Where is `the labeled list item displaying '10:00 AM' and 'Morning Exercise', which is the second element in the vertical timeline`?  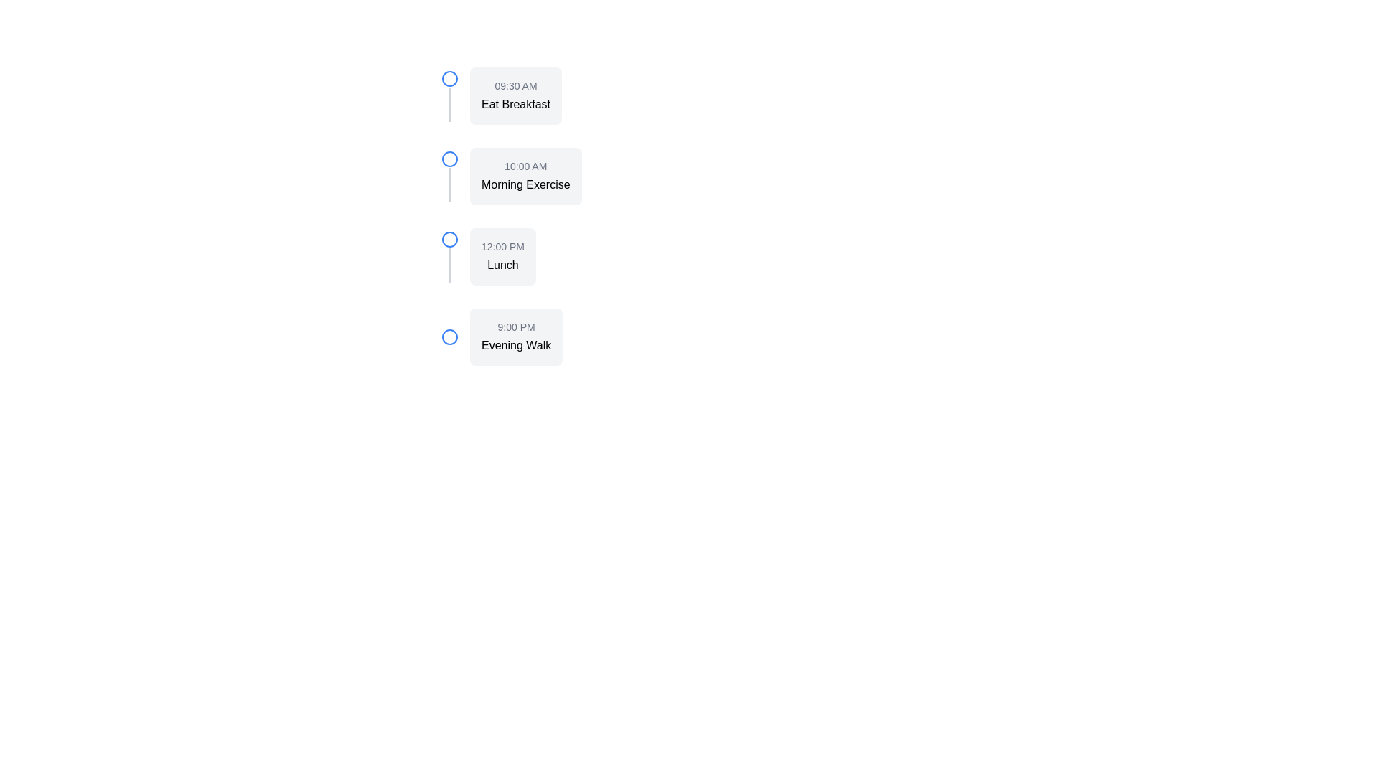 the labeled list item displaying '10:00 AM' and 'Morning Exercise', which is the second element in the vertical timeline is located at coordinates (590, 176).